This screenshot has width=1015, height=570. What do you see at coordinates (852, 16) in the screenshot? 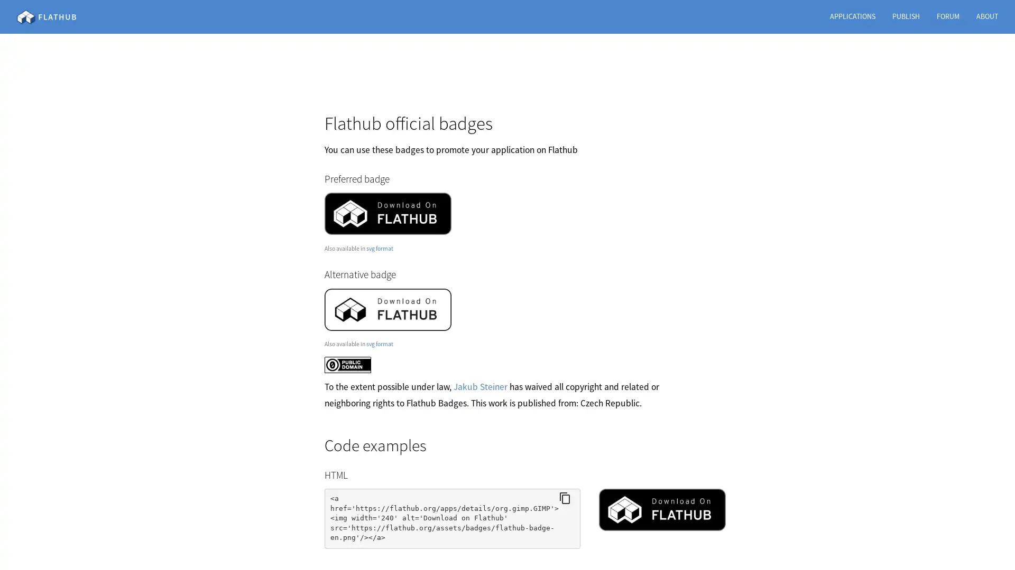
I see `APPLICATIONS` at bounding box center [852, 16].